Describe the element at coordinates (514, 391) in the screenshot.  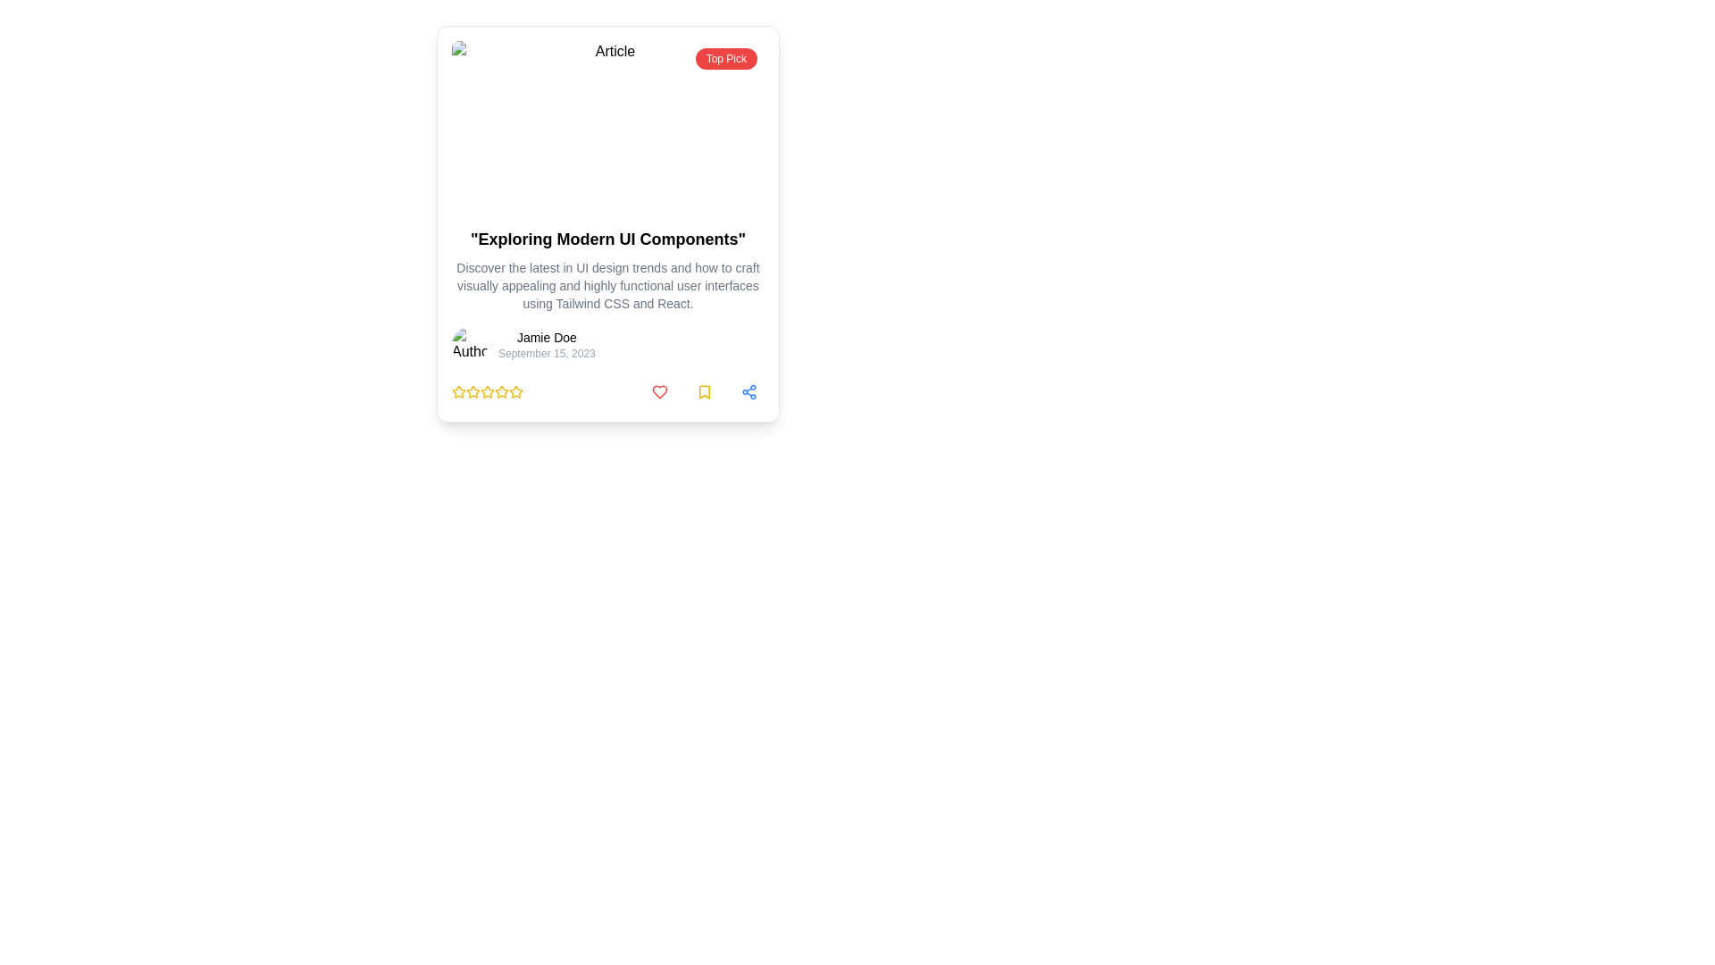
I see `the star-shaped icon with a hollow yellow outline, which is the last star in a horizontal sequence of 5 star icons, located in the bottom-left section of a card layout` at that location.